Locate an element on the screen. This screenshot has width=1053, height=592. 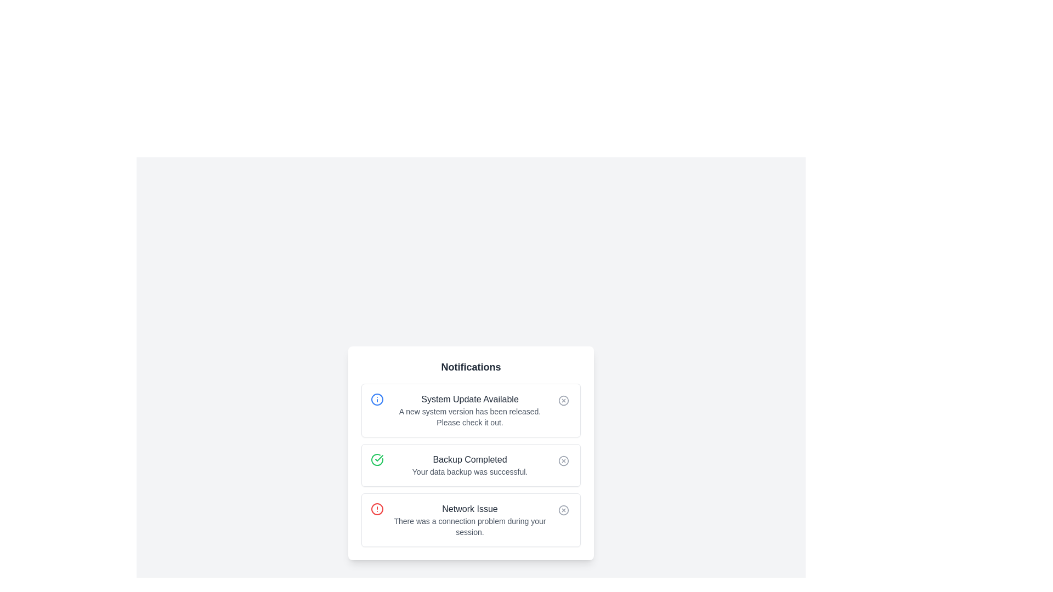
the 'Network Issue' notification icon located at the bottom of the notification list is located at coordinates (377, 509).